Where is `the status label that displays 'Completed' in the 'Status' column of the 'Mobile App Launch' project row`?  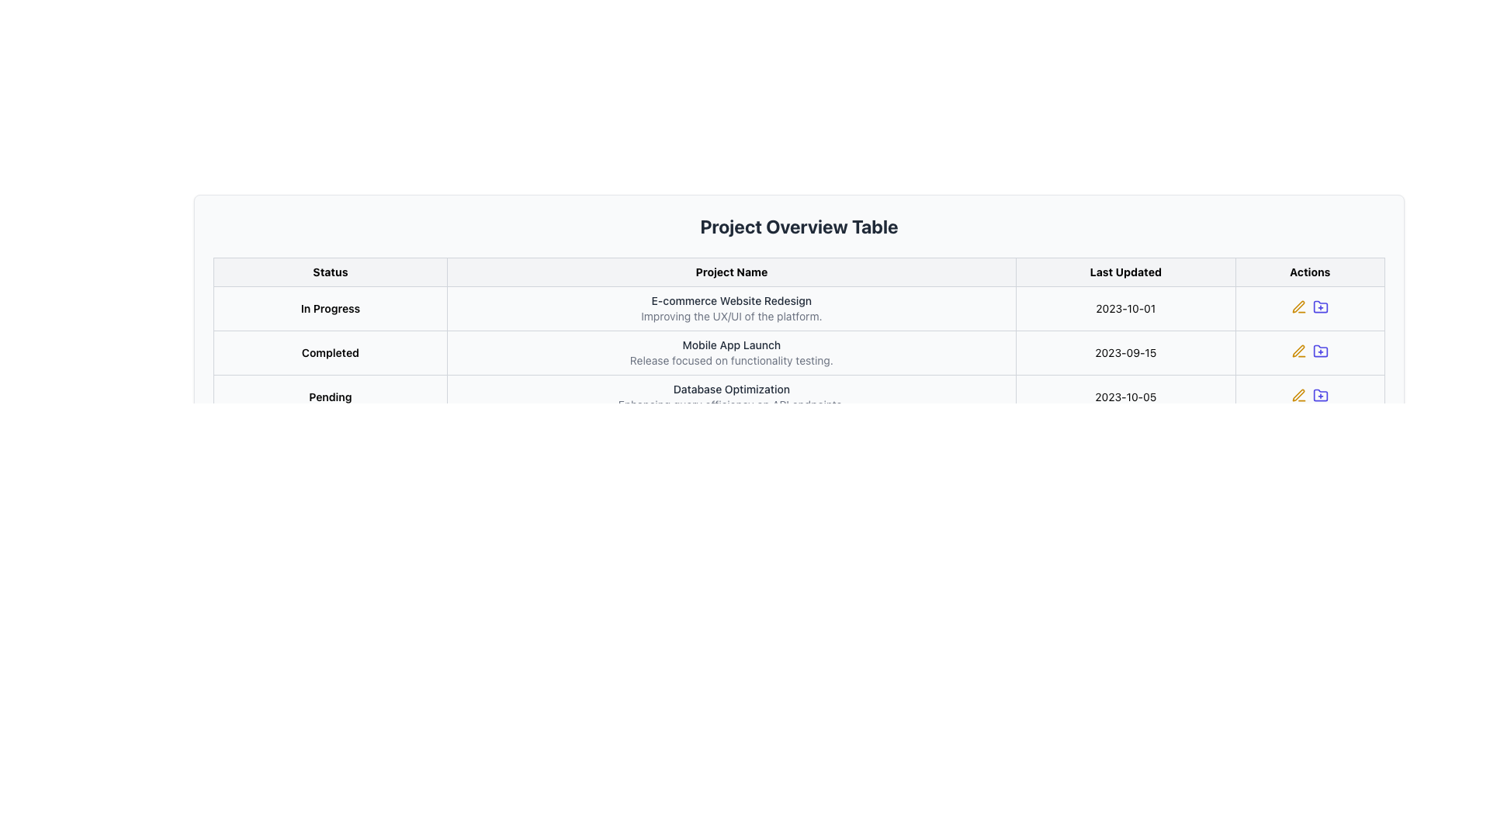 the status label that displays 'Completed' in the 'Status' column of the 'Mobile App Launch' project row is located at coordinates (329, 353).